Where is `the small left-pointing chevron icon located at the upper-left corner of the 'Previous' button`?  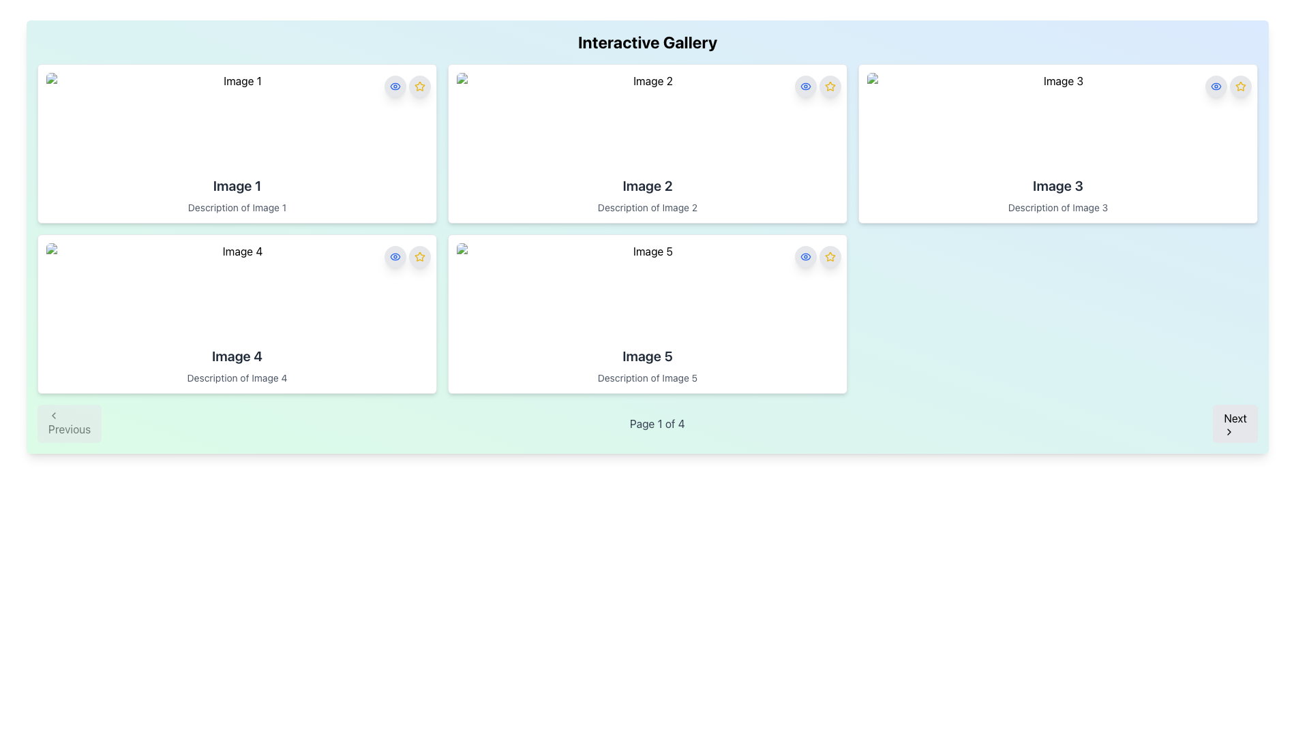
the small left-pointing chevron icon located at the upper-left corner of the 'Previous' button is located at coordinates (53, 414).